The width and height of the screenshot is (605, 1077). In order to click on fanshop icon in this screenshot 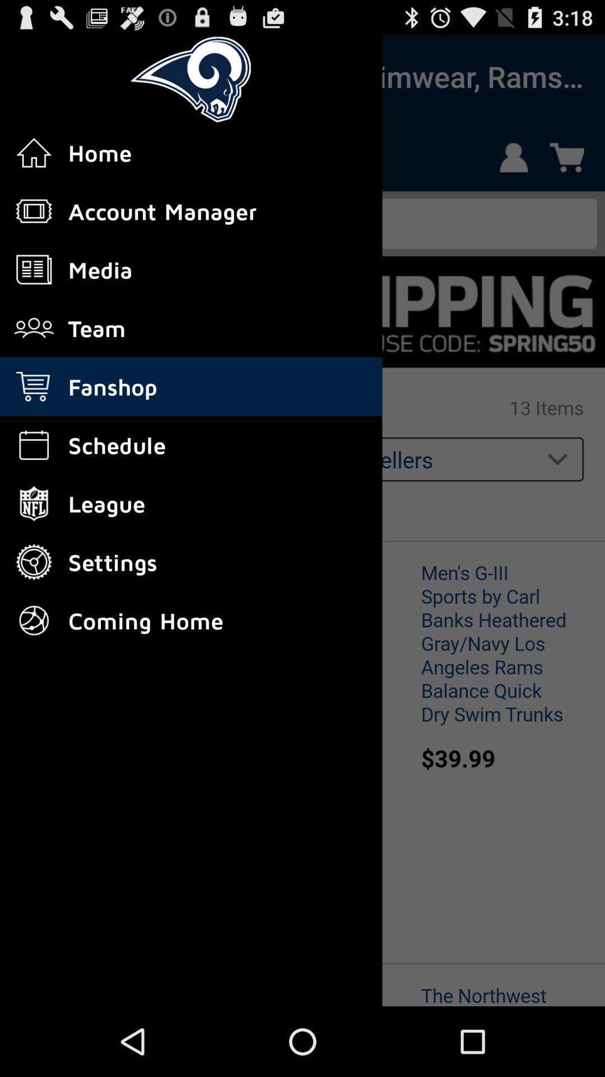, I will do `click(34, 386)`.